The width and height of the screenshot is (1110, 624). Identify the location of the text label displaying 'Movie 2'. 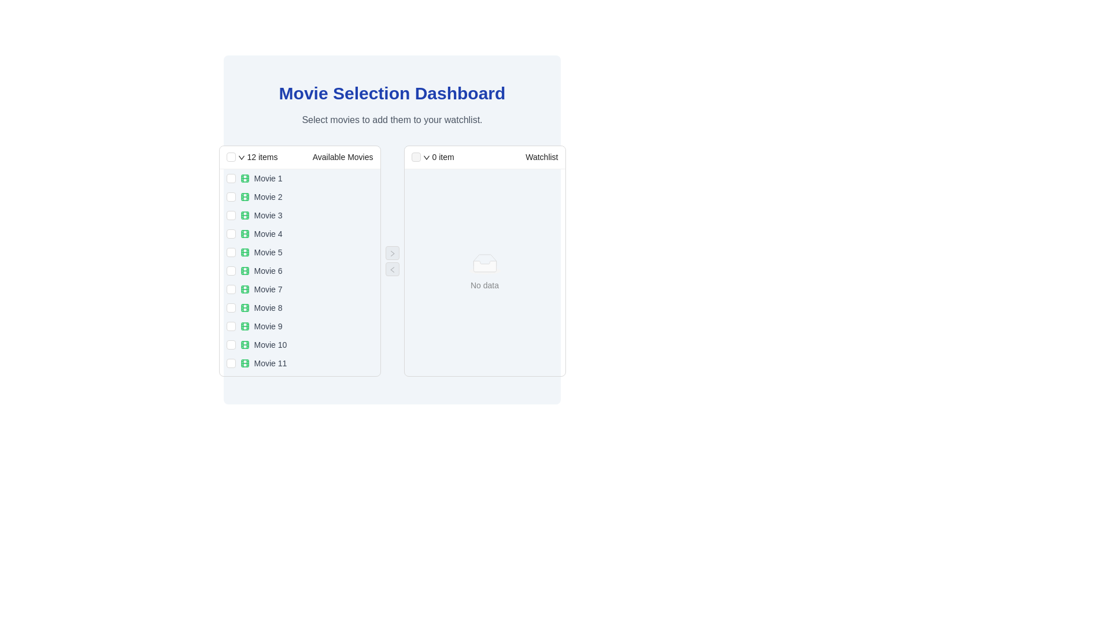
(268, 196).